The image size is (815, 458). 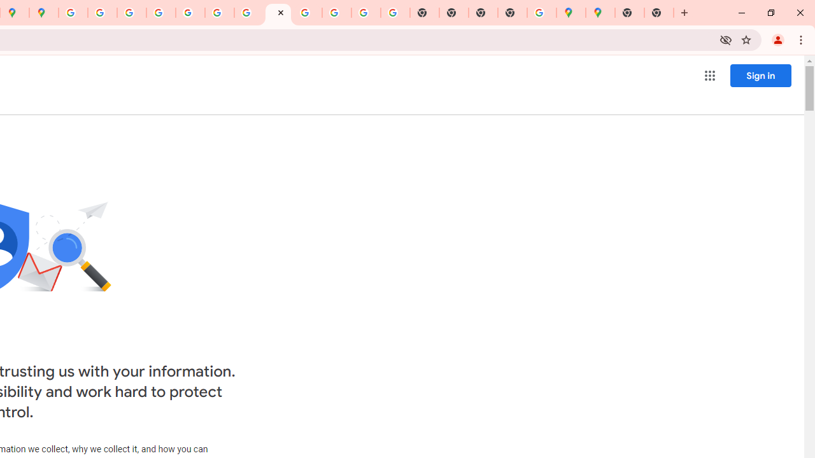 What do you see at coordinates (600, 13) in the screenshot?
I see `'Google Maps'` at bounding box center [600, 13].